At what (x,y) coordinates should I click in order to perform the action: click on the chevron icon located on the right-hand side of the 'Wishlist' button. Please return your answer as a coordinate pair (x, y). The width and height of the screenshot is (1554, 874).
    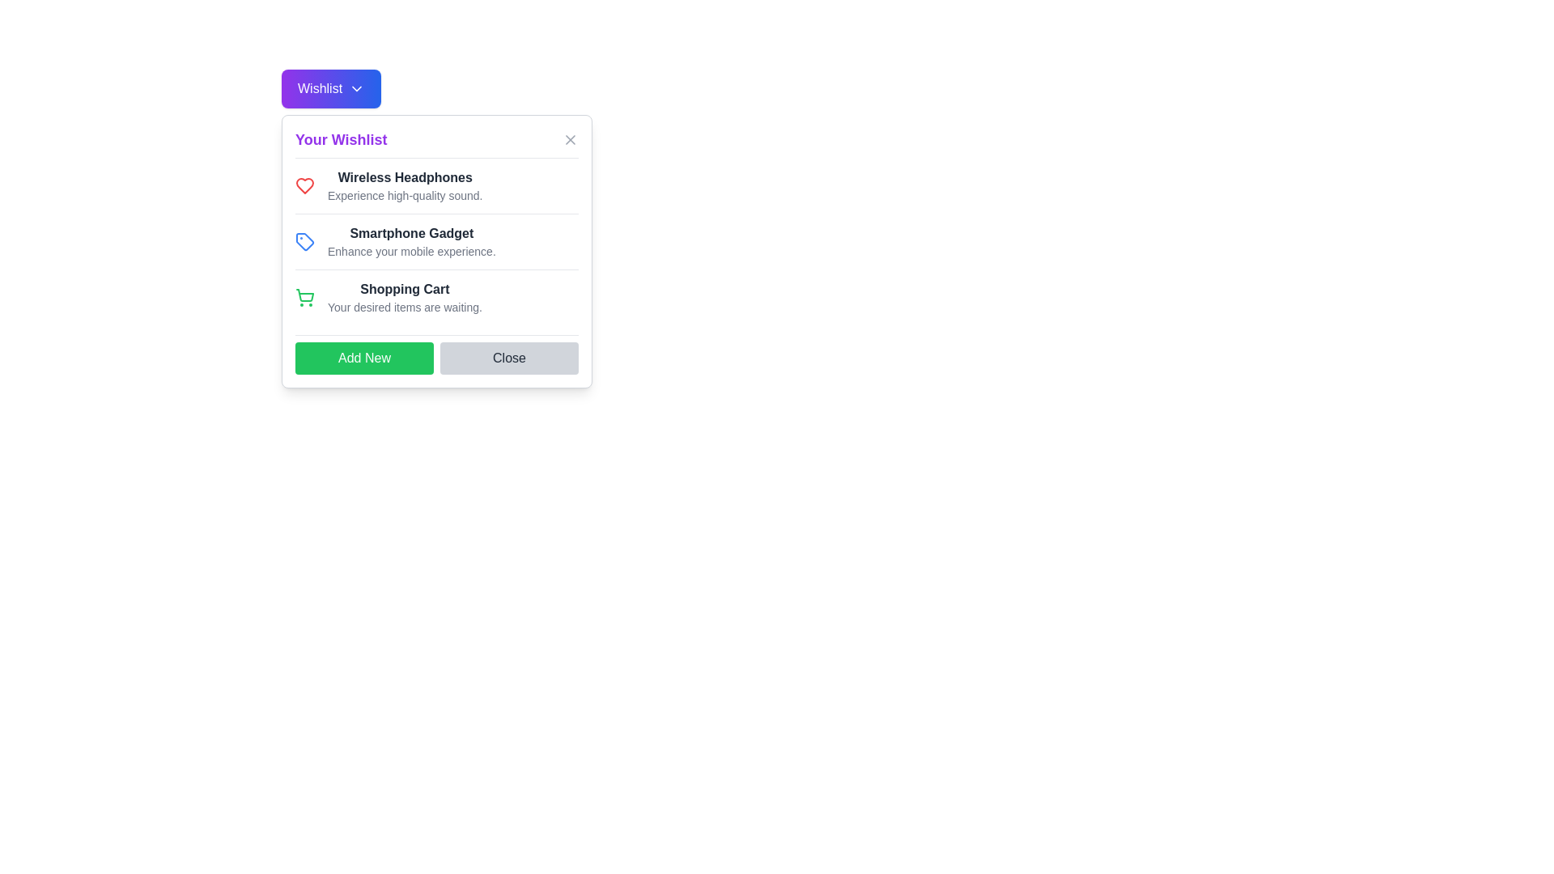
    Looking at the image, I should click on (356, 89).